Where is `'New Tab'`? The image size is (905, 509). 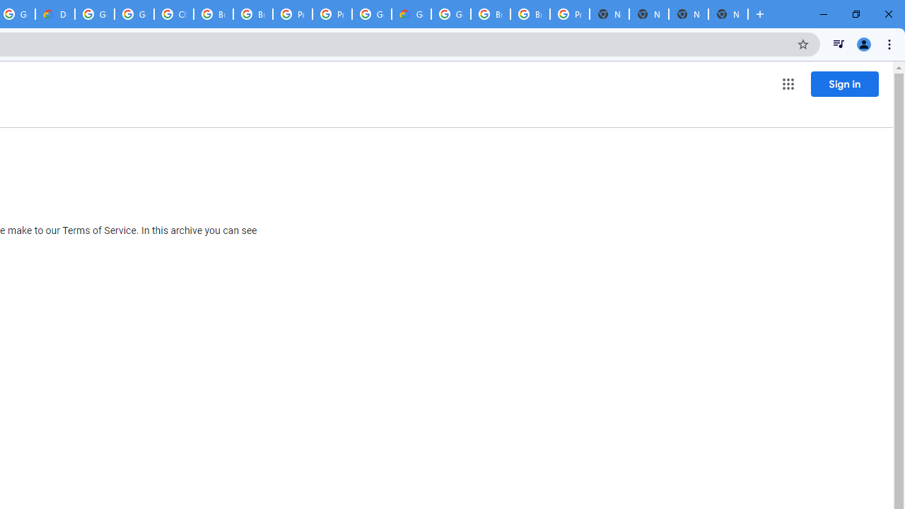 'New Tab' is located at coordinates (689, 14).